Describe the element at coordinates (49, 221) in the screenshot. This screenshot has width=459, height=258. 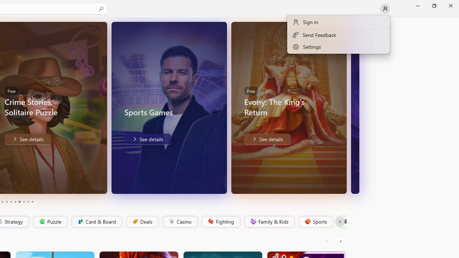
I see `'Puzzle'` at that location.